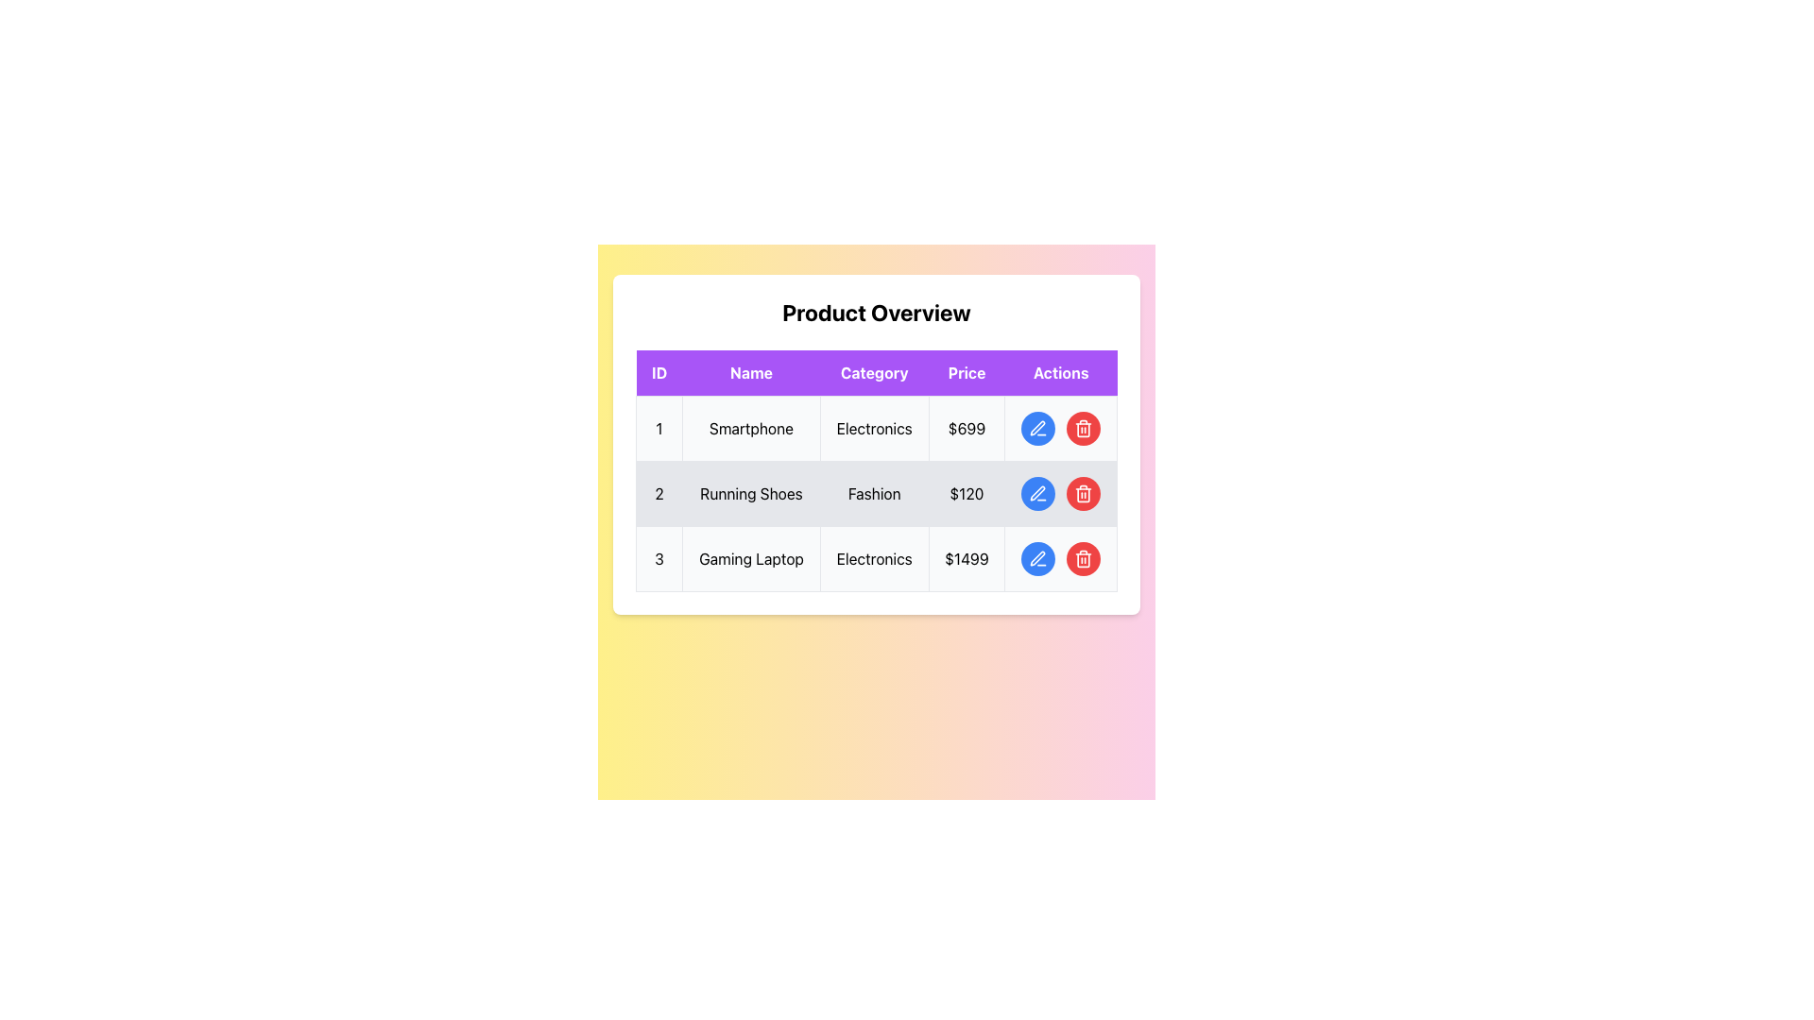 This screenshot has height=1020, width=1814. Describe the element at coordinates (750, 557) in the screenshot. I see `the text label displaying 'Gaming Laptop' which is located in the second column of the third row in the table layout` at that location.